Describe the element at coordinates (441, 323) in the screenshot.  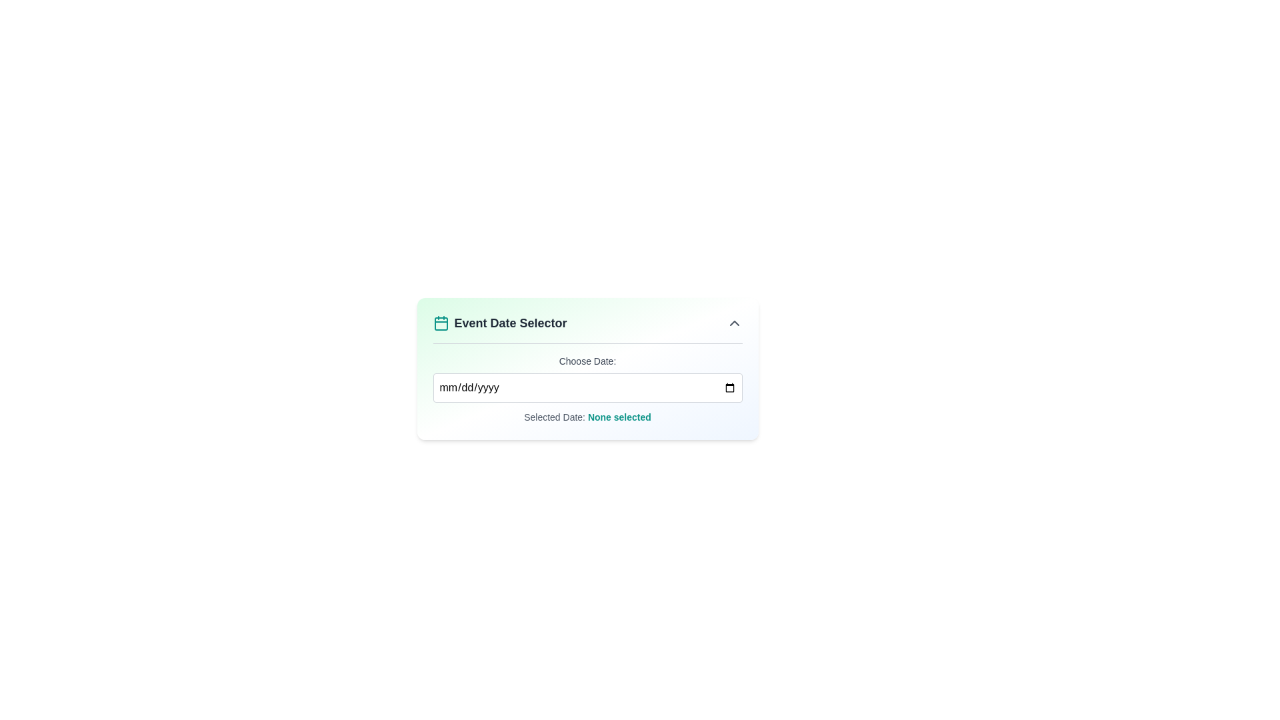
I see `the calendar icon that indicates date selection functionality, located to the left of the 'Event Date Selector' text` at that location.